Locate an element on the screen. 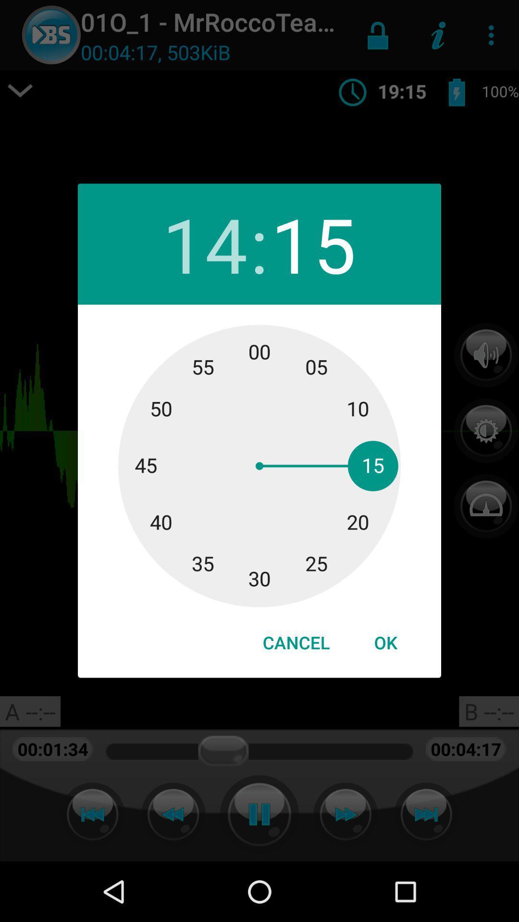  the icon at the bottom right corner is located at coordinates (385, 643).